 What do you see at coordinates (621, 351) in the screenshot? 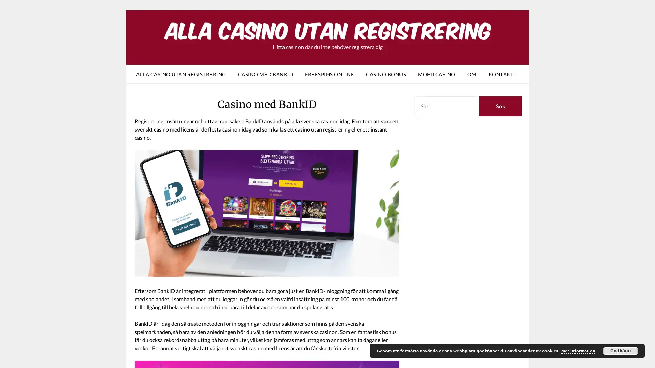
I see `Godkann` at bounding box center [621, 351].